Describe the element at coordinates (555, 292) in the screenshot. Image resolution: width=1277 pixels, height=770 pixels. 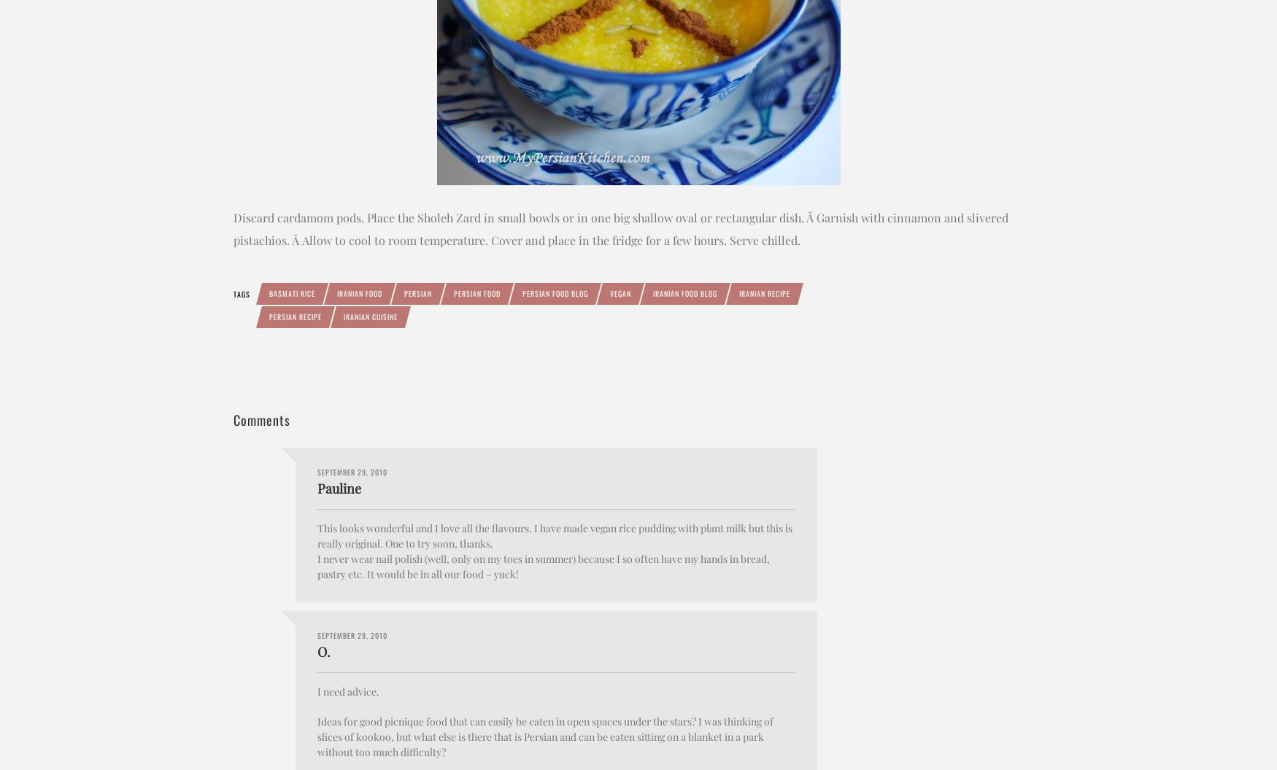
I see `'Persian food blog'` at that location.